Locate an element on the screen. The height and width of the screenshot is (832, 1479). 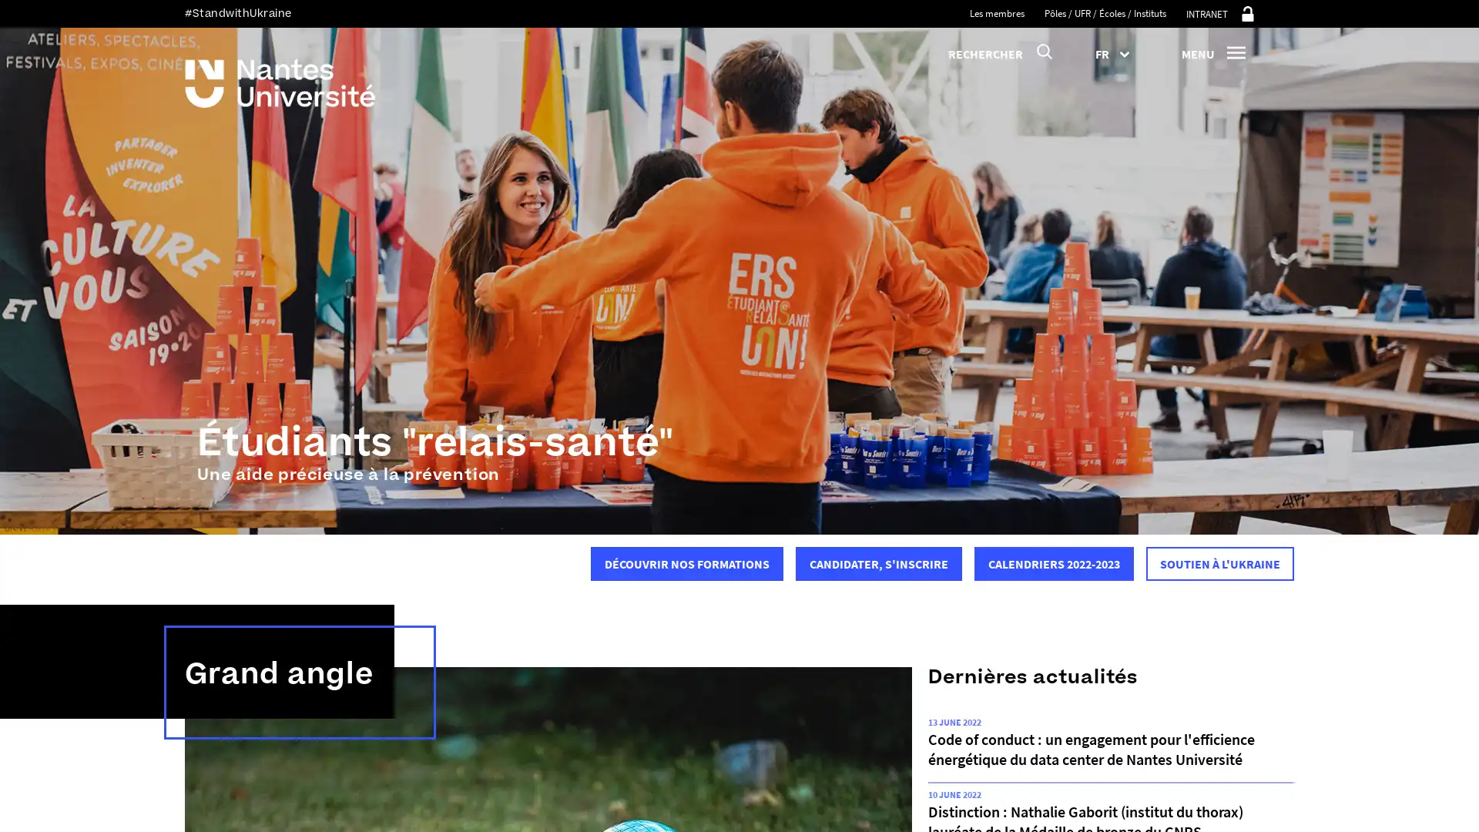
MENU is located at coordinates (1212, 52).